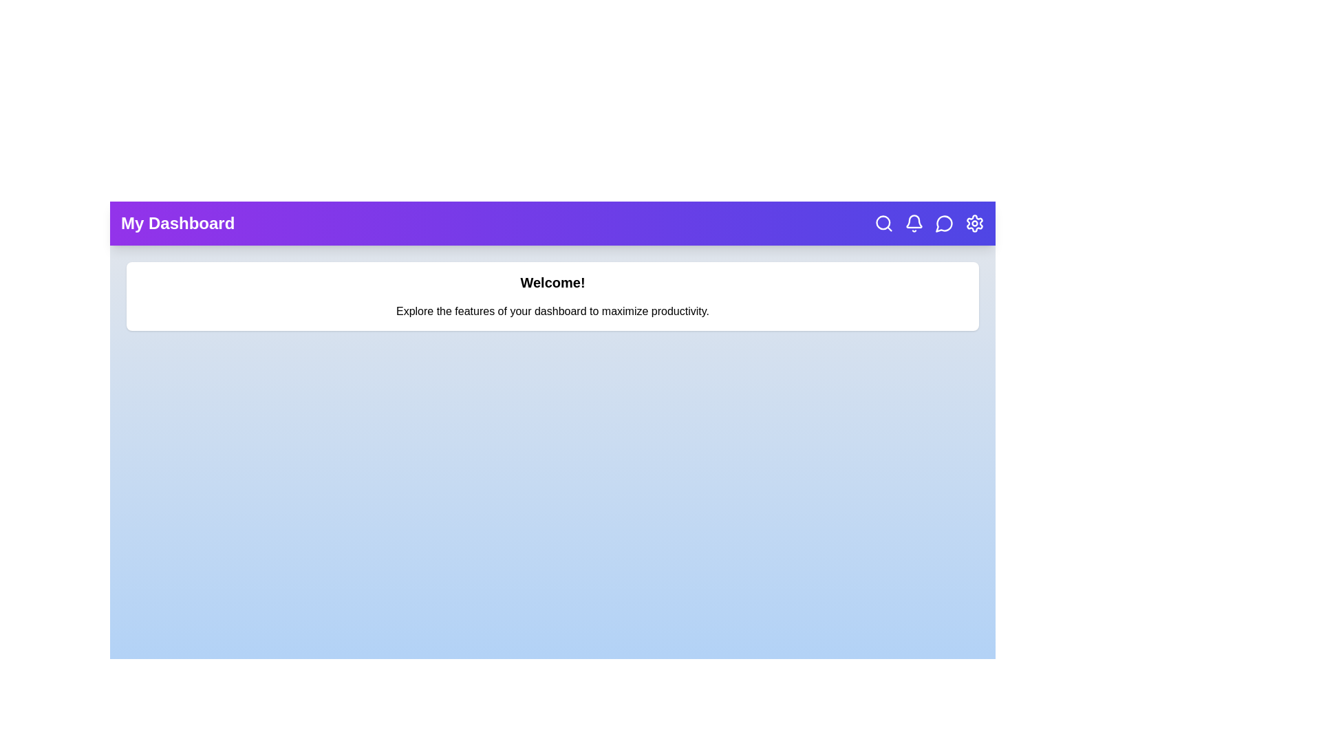  What do you see at coordinates (974, 222) in the screenshot?
I see `the Settings button to perform its associated action` at bounding box center [974, 222].